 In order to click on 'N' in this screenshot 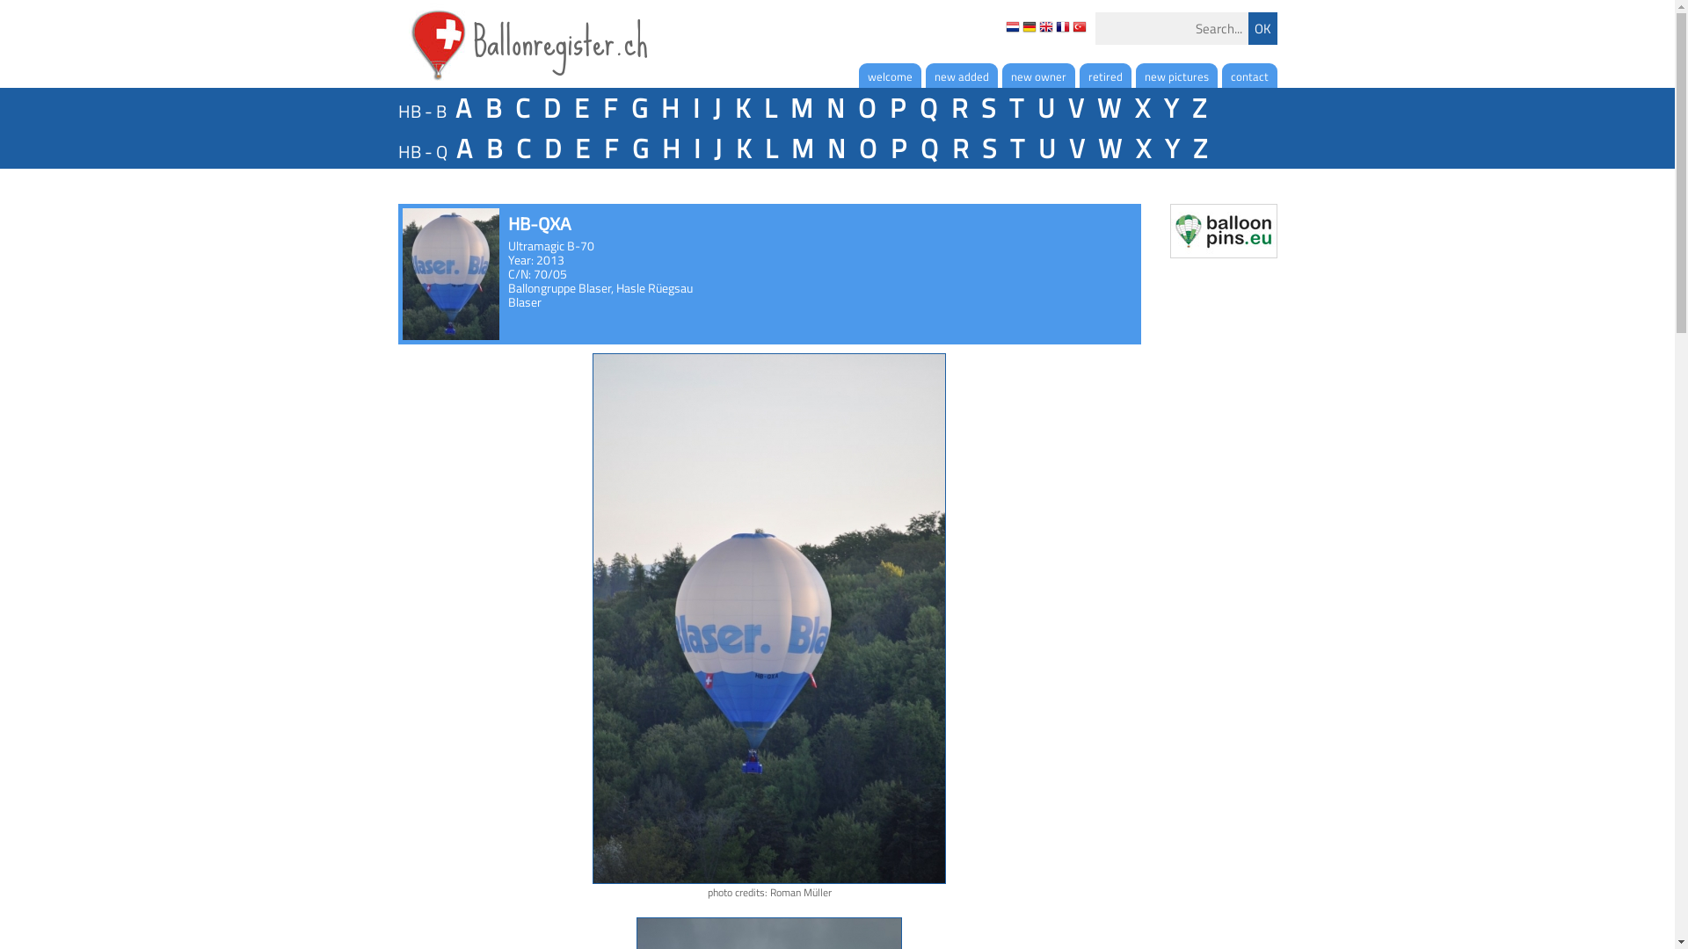, I will do `click(834, 108)`.